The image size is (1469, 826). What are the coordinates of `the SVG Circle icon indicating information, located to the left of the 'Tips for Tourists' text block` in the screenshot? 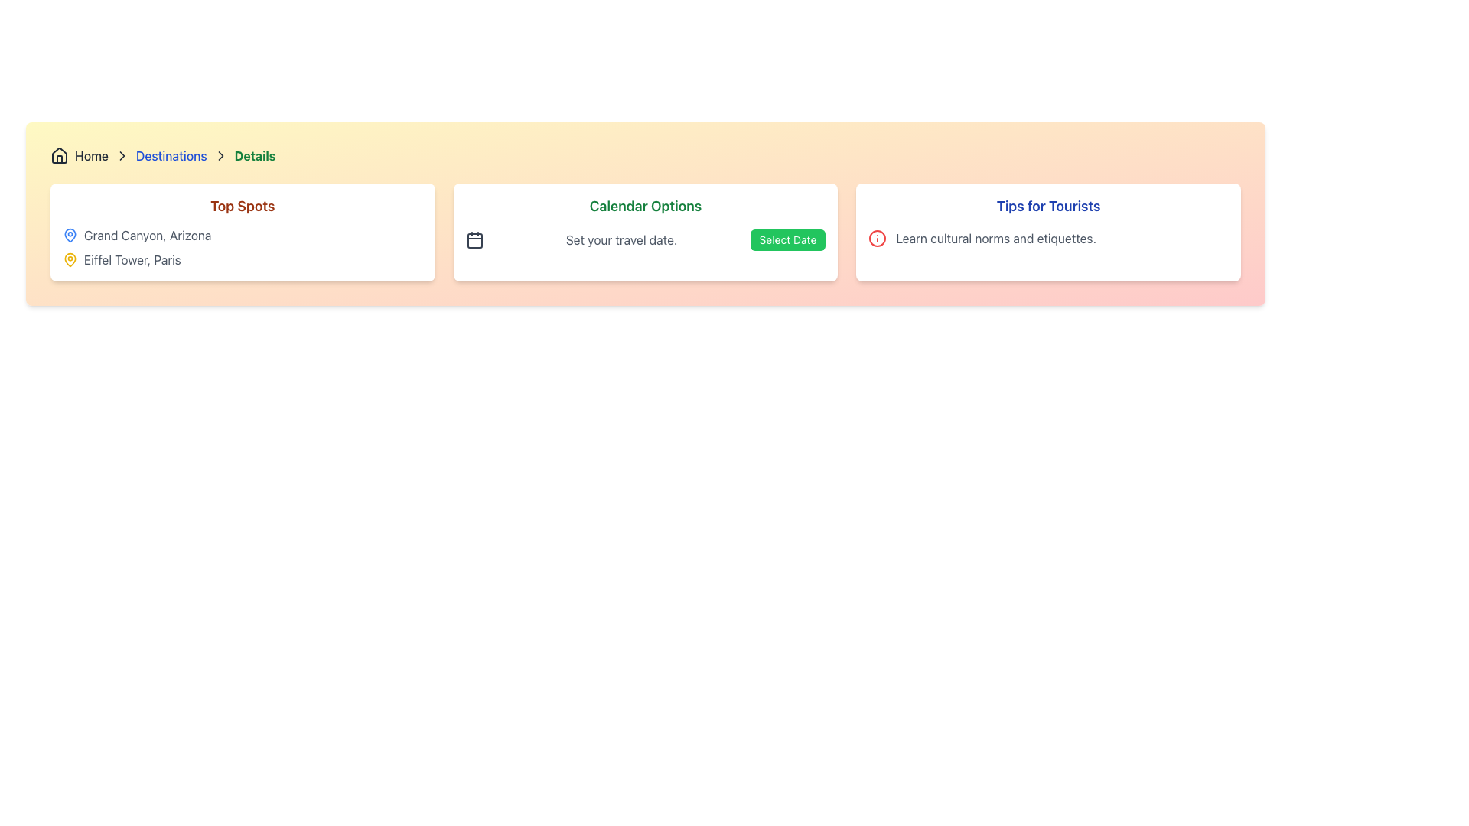 It's located at (878, 239).